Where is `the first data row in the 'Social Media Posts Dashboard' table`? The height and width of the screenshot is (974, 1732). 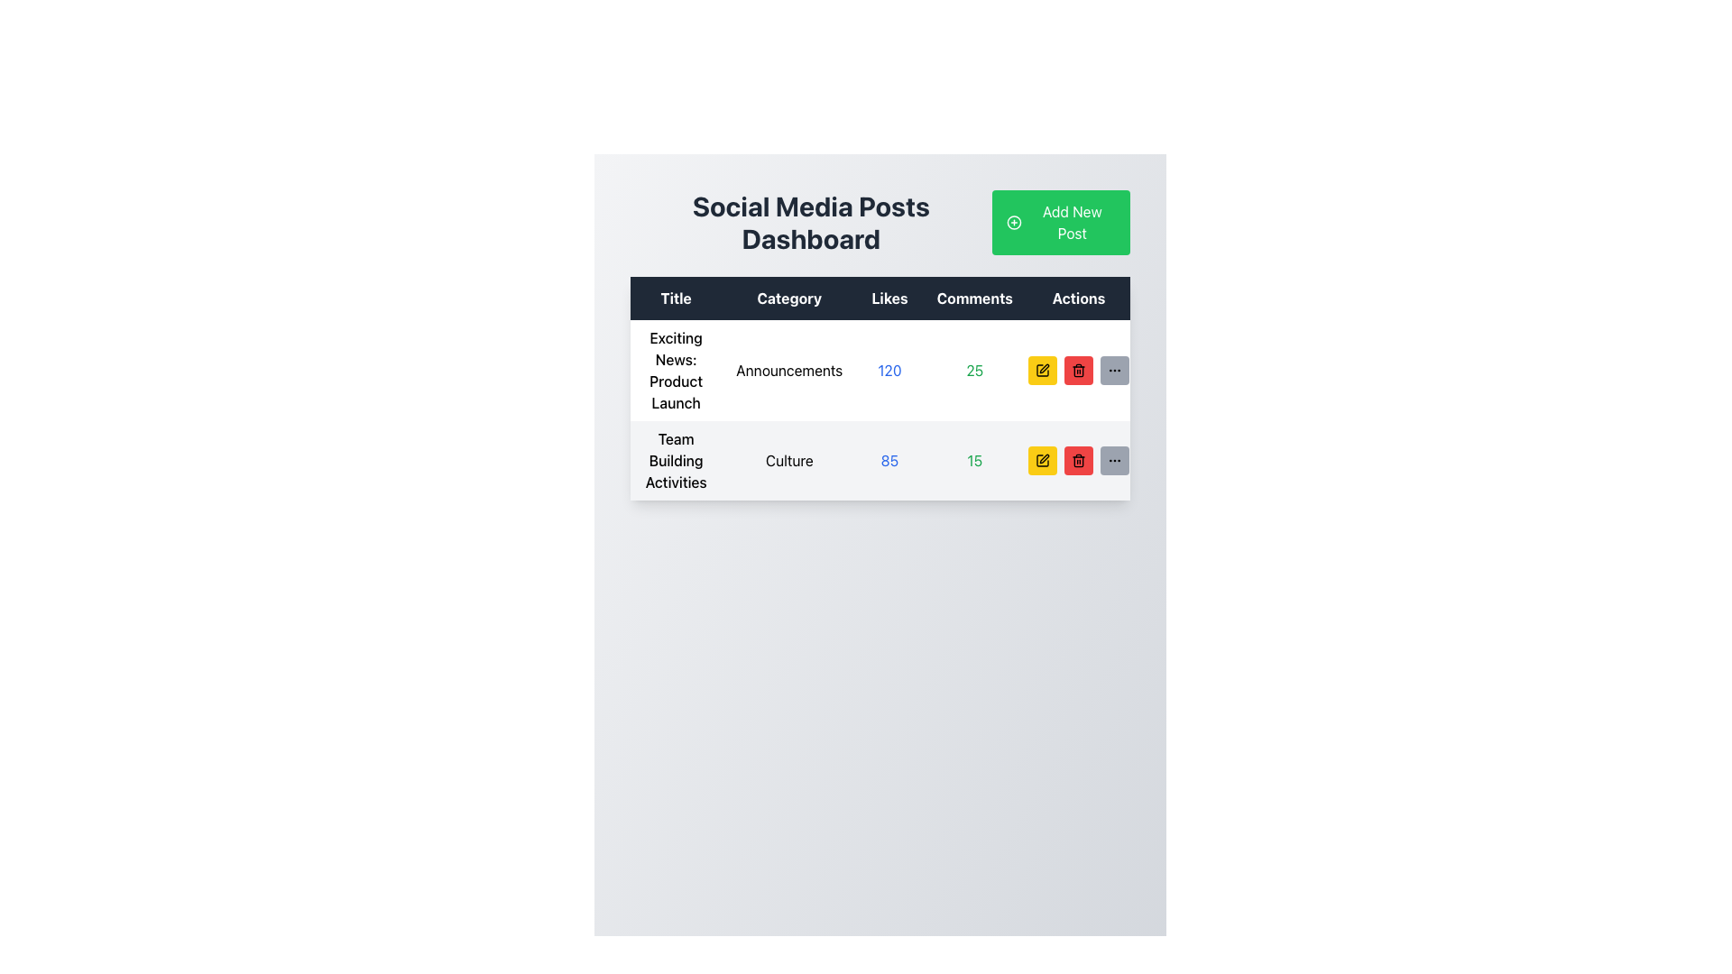
the first data row in the 'Social Media Posts Dashboard' table is located at coordinates (880, 410).